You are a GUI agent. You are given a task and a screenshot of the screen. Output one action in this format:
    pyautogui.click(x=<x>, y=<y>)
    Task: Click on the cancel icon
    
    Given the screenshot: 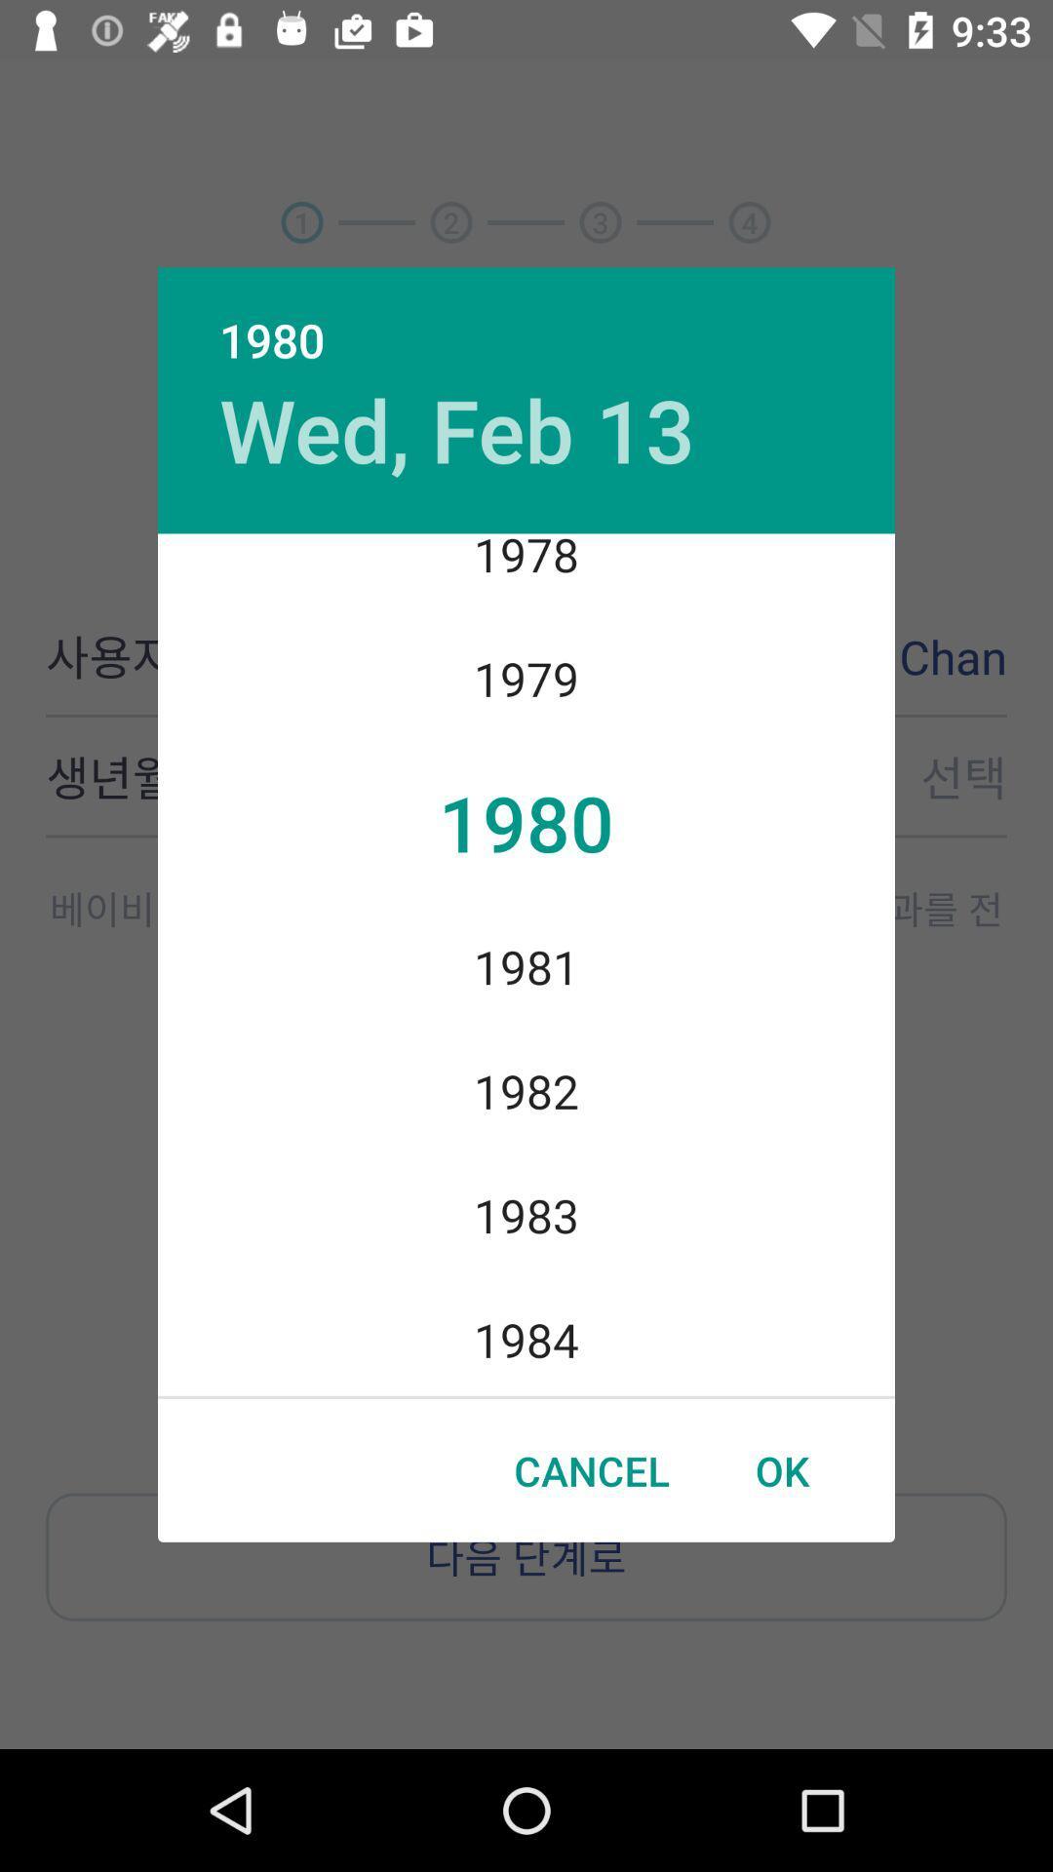 What is the action you would take?
    pyautogui.click(x=591, y=1470)
    